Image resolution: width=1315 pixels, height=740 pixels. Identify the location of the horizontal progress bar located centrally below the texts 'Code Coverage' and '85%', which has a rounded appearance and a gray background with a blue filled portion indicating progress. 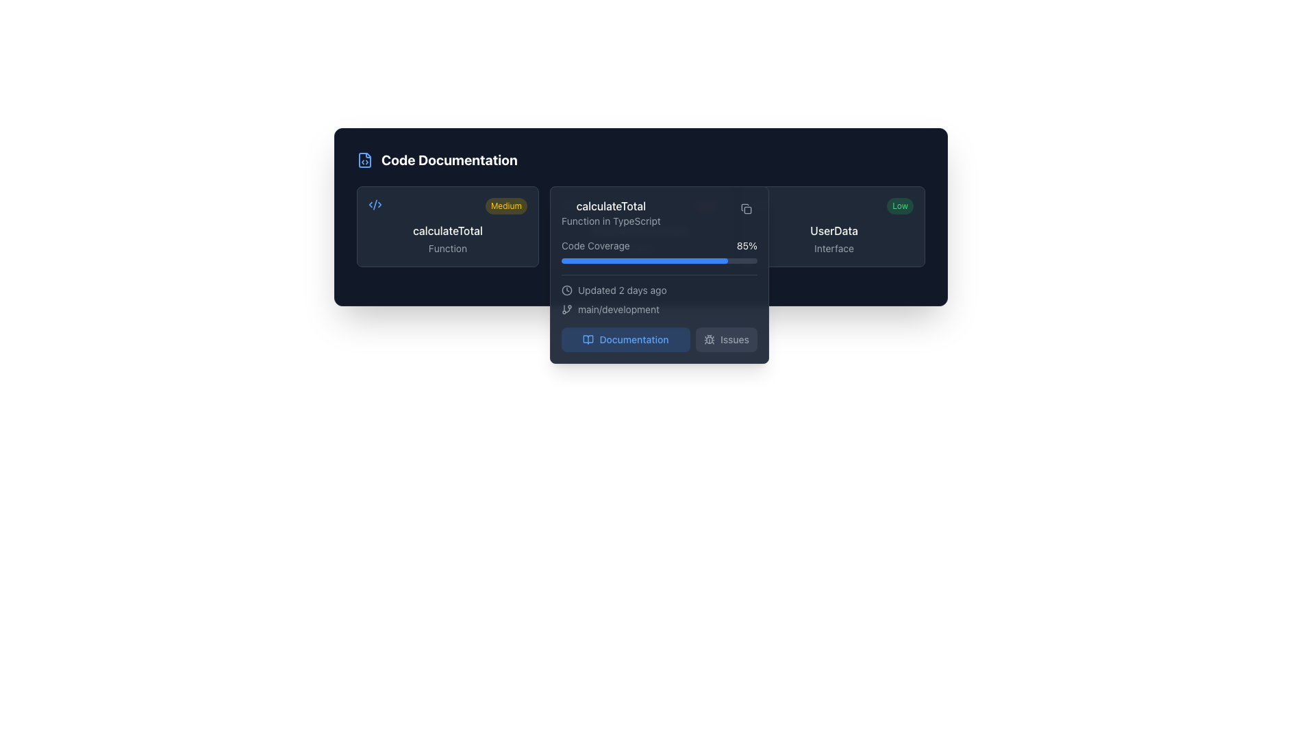
(660, 261).